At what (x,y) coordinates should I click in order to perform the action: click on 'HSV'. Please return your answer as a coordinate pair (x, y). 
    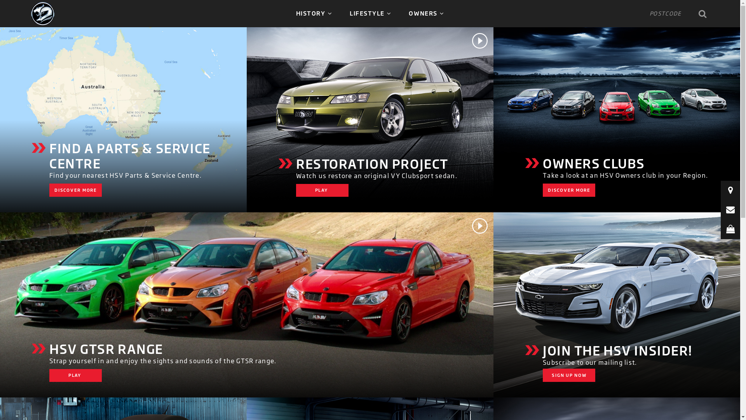
    Looking at the image, I should click on (42, 13).